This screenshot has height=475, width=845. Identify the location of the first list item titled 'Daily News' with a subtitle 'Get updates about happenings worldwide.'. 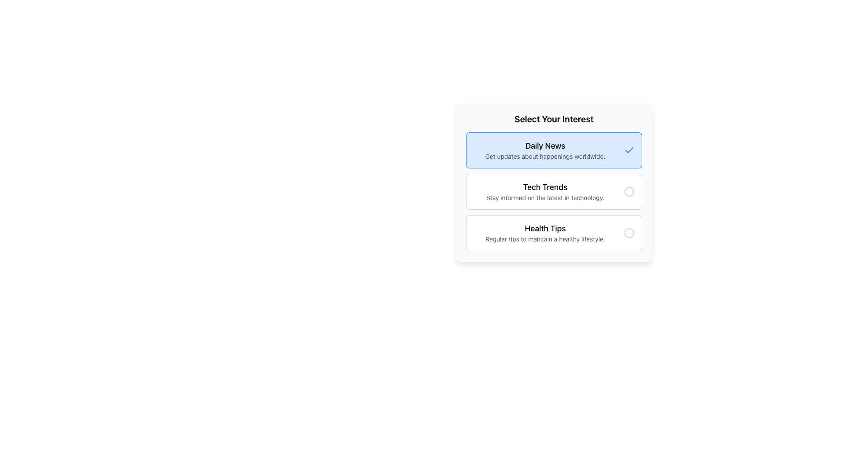
(544, 150).